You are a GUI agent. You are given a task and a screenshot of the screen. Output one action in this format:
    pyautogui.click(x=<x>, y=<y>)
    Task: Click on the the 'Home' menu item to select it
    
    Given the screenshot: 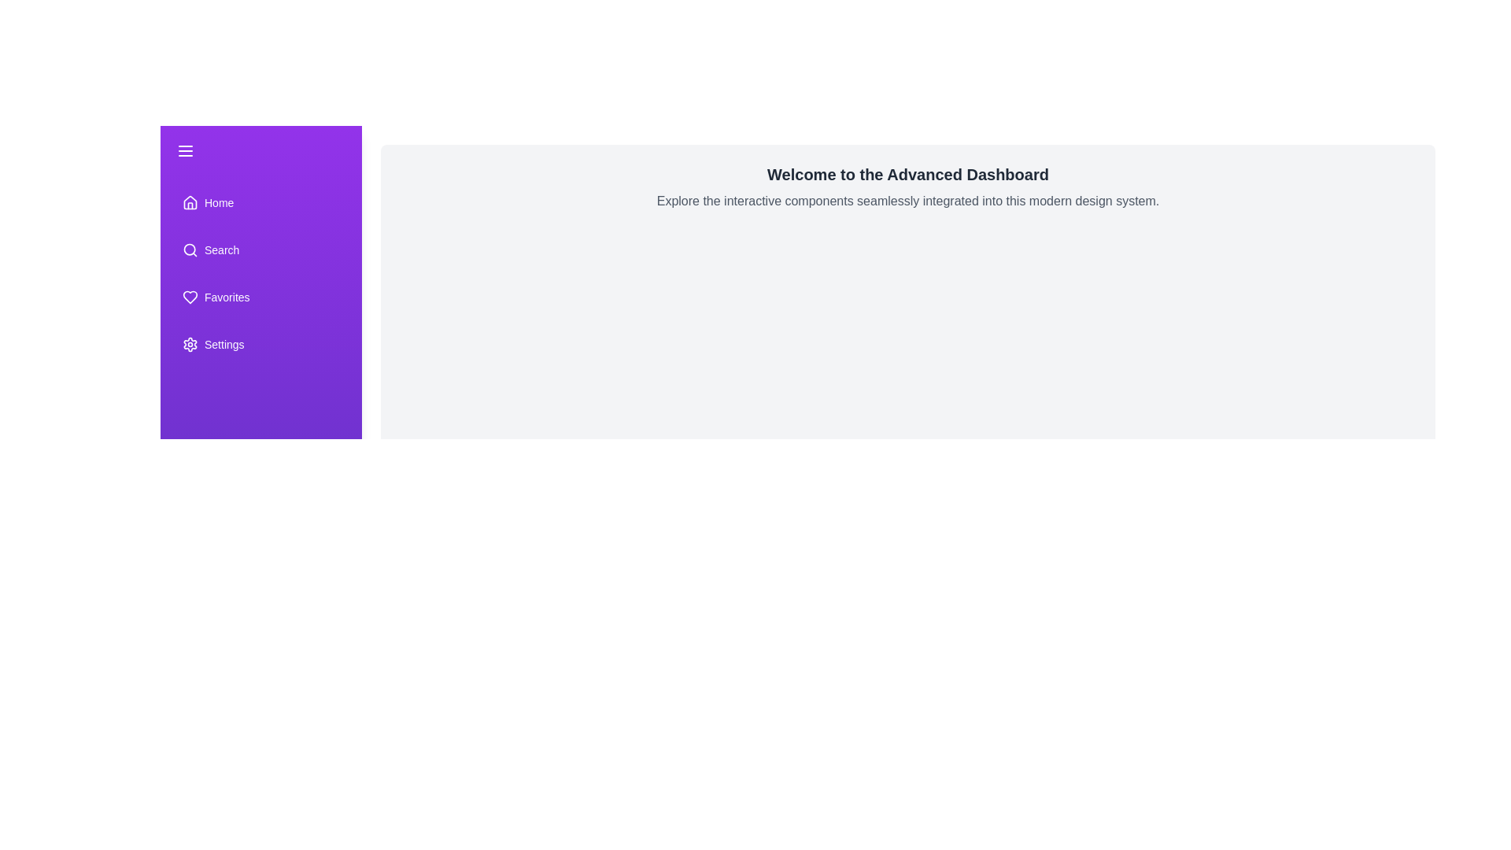 What is the action you would take?
    pyautogui.click(x=260, y=202)
    